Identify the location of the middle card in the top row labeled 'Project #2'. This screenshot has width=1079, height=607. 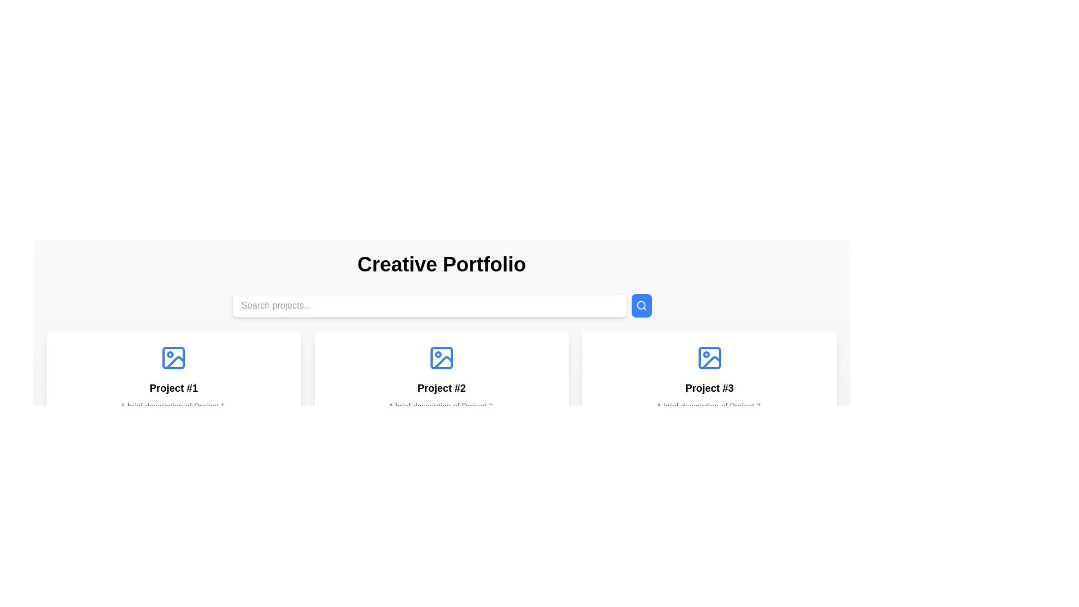
(441, 392).